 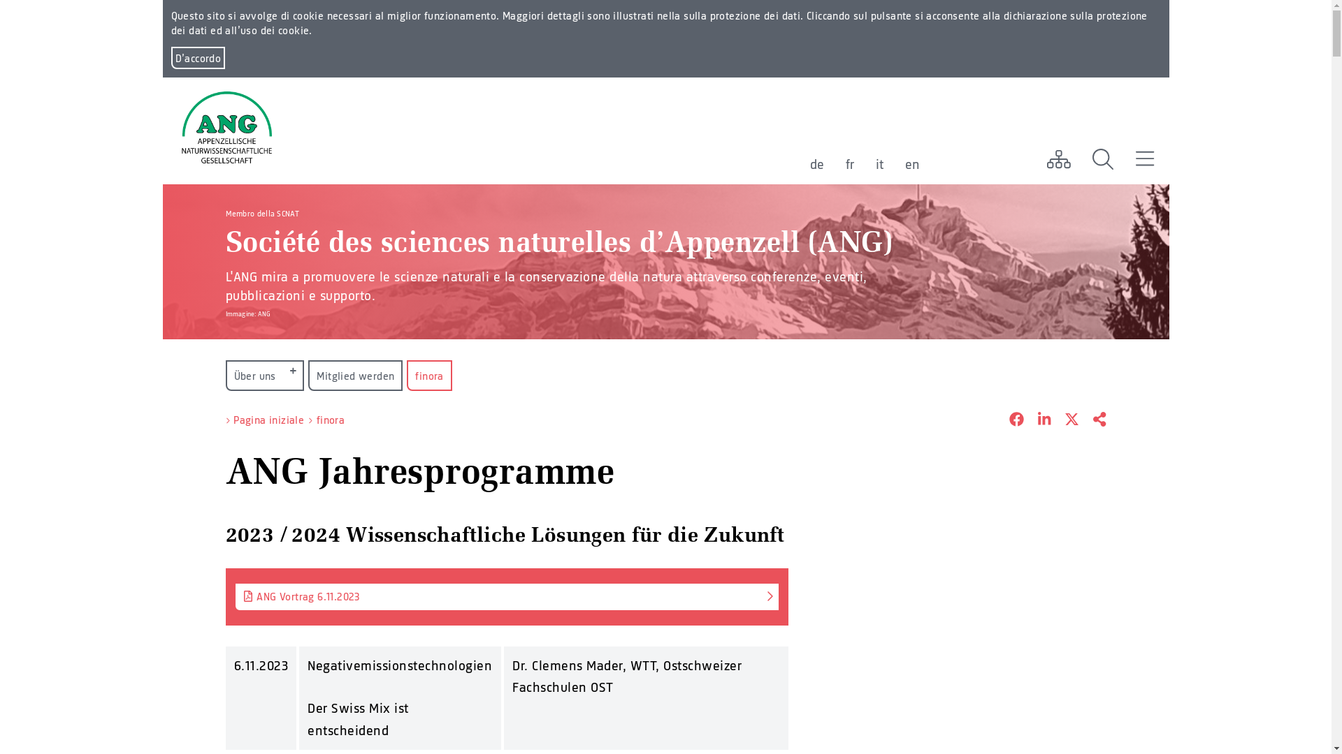 I want to click on 'it', so click(x=878, y=163).